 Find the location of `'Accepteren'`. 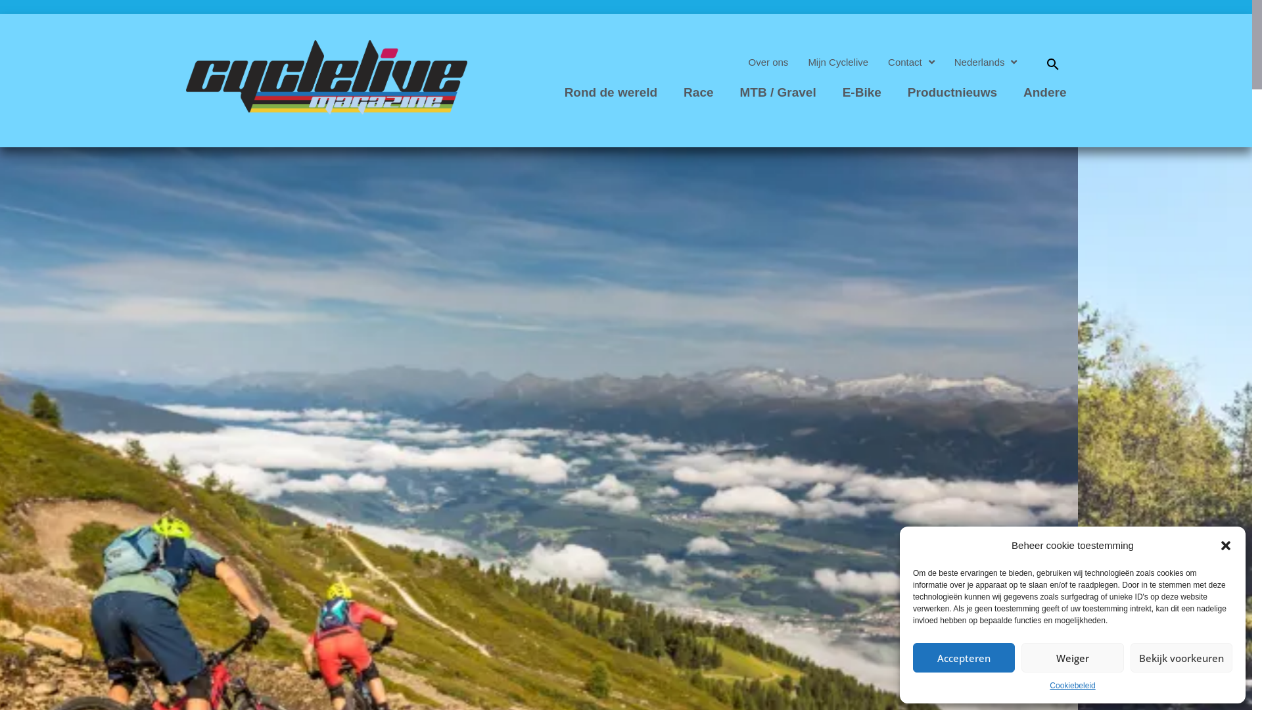

'Accepteren' is located at coordinates (964, 657).